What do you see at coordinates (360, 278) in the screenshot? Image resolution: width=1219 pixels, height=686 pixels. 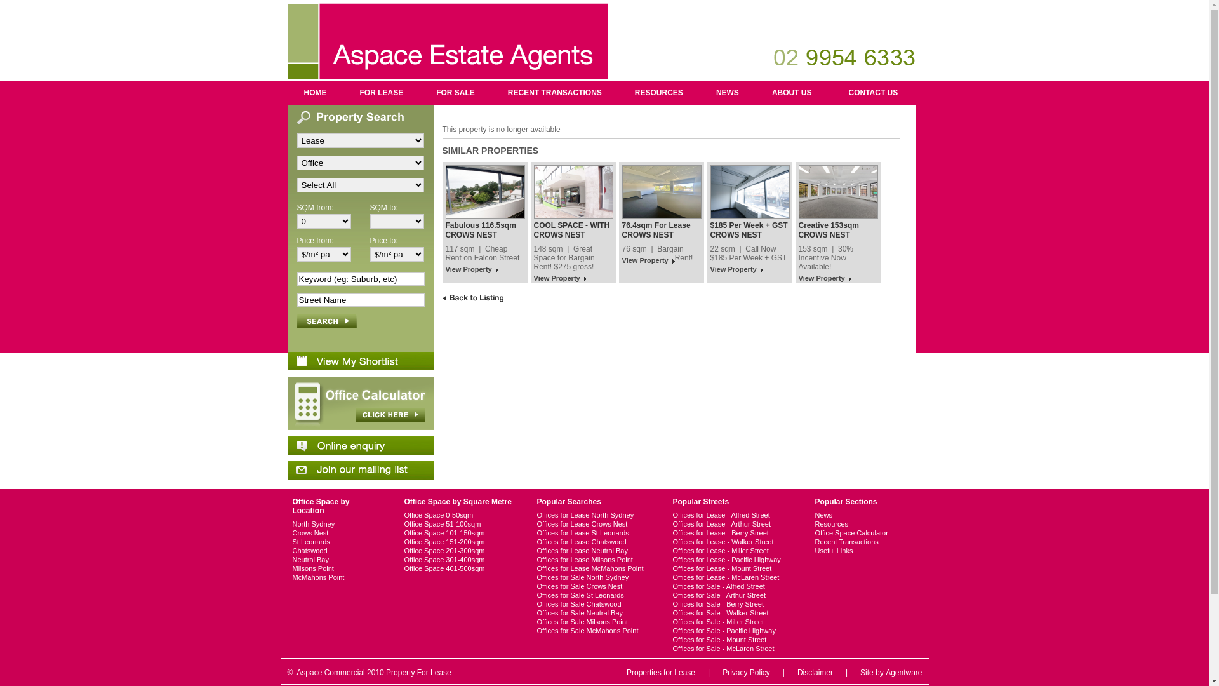 I see `'Keyword (eg: Suburb, etc)'` at bounding box center [360, 278].